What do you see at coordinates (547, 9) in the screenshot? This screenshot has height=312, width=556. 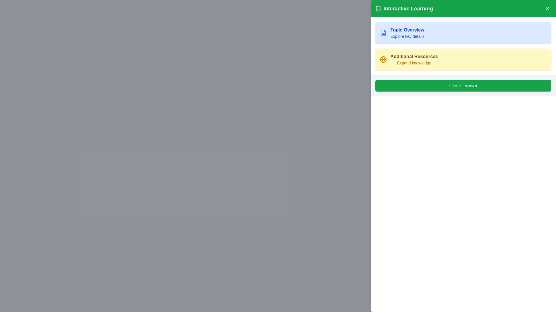 I see `the close button located in the top-right corner of the green header bar labeled 'Interactive Learning'` at bounding box center [547, 9].